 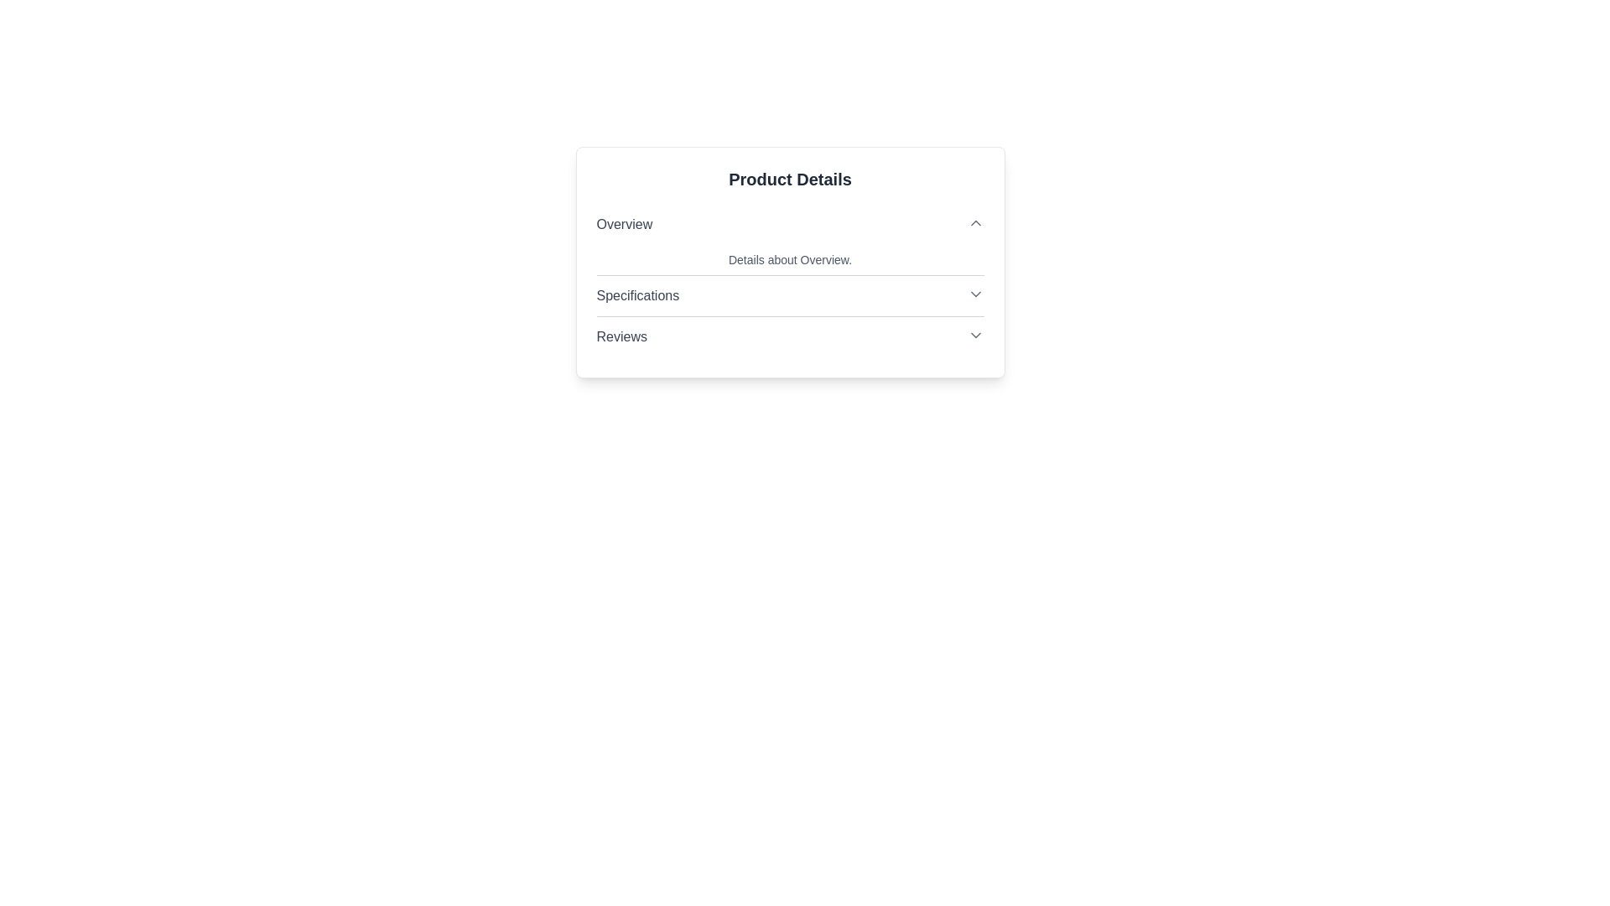 I want to click on the text block displaying 'Details about Overview' which is styled in a small gray font and located below the 'Overview' header in the 'Product Details' card, so click(x=789, y=259).